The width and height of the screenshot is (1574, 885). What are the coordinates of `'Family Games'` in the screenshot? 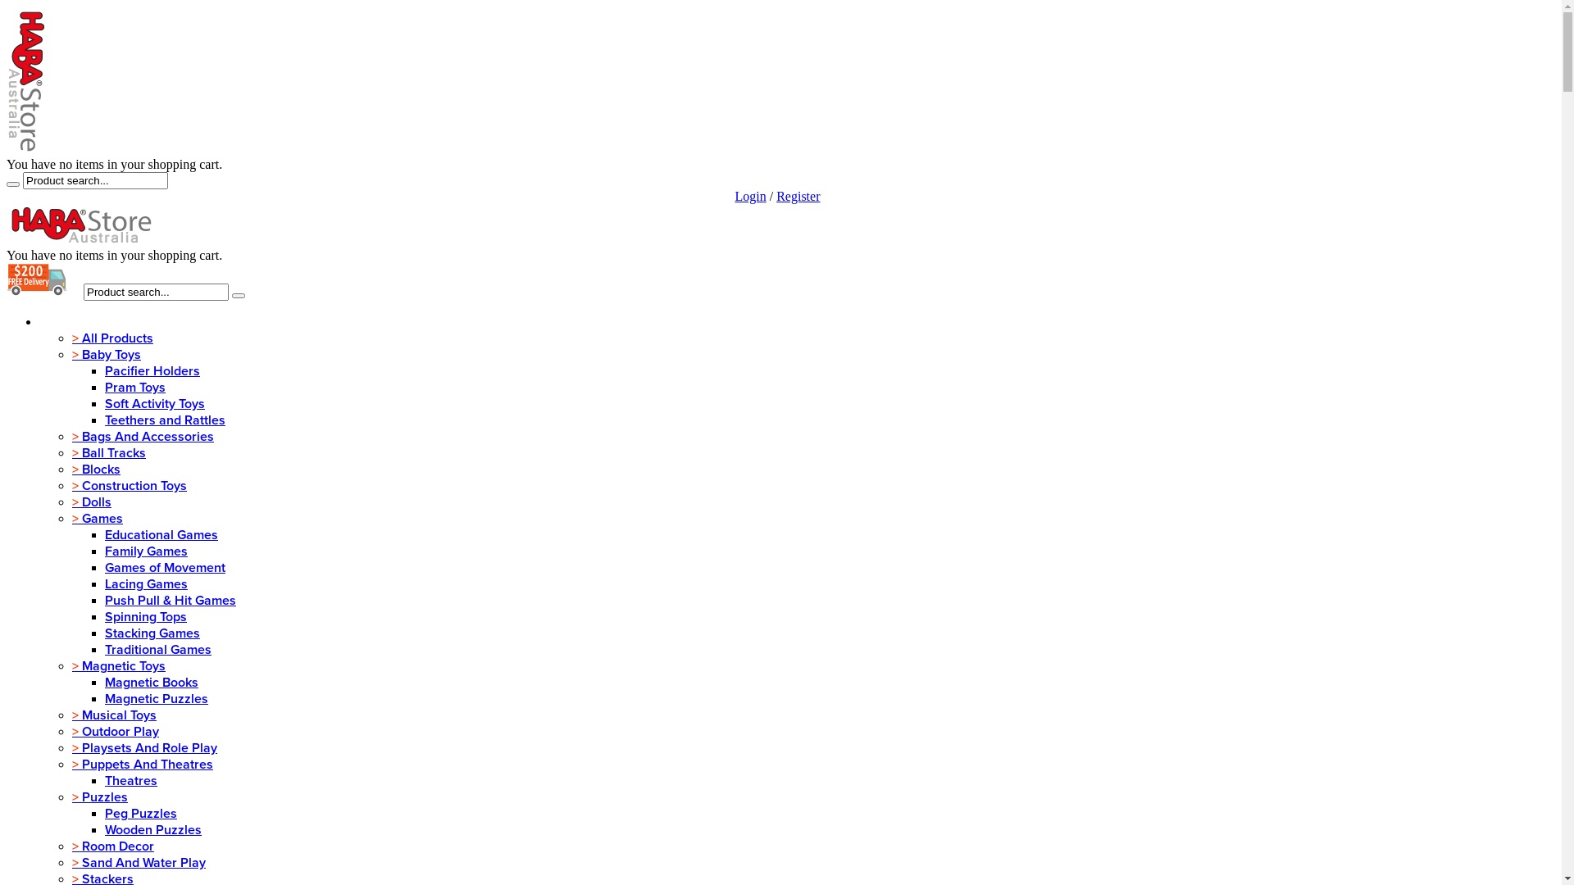 It's located at (146, 551).